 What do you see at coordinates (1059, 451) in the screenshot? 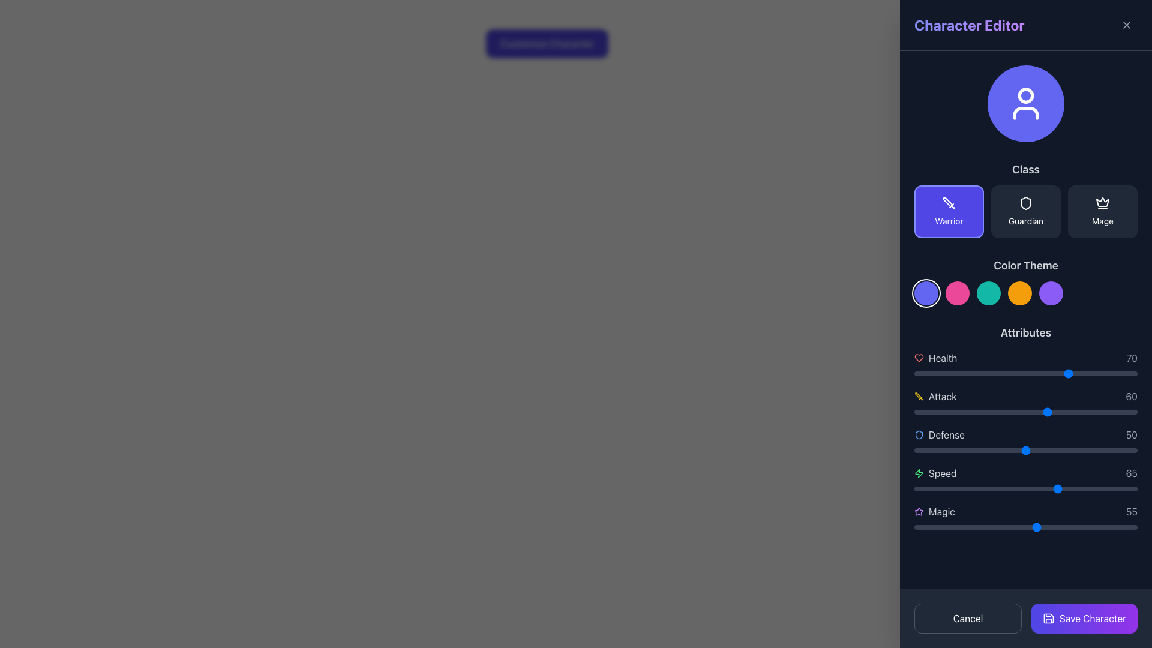
I see `the defense level` at bounding box center [1059, 451].